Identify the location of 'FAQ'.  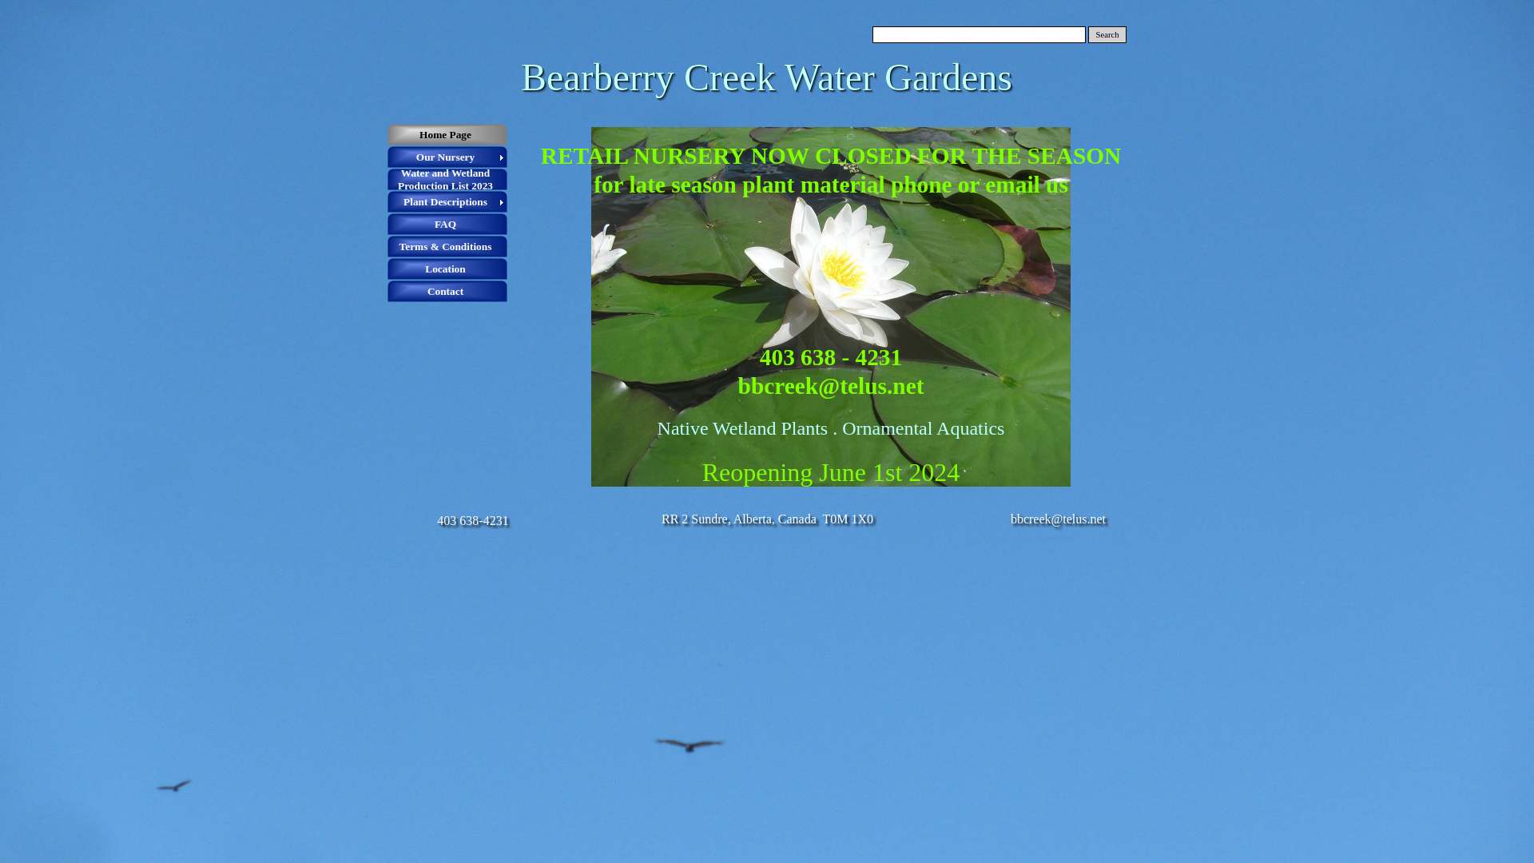
(447, 225).